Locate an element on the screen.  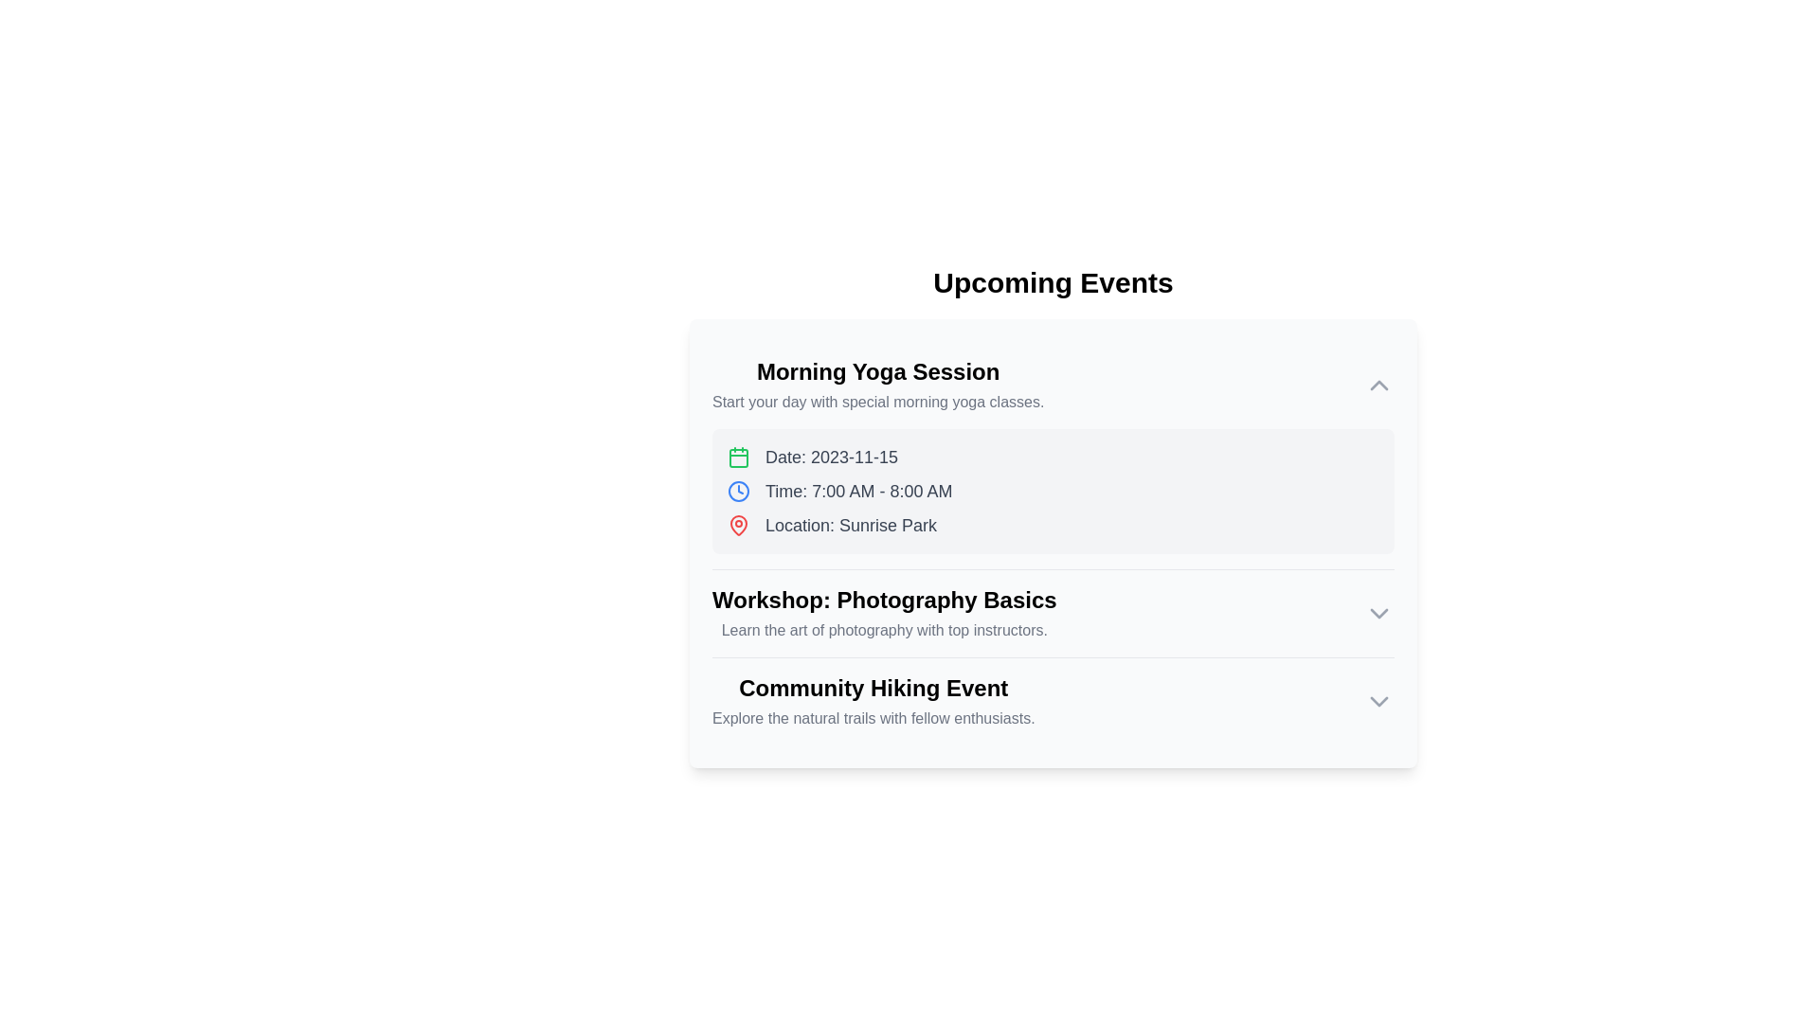
the static informational text element that reads 'Learn the art of photography with top instructors.' located below the title 'Workshop: Photography Basics' is located at coordinates (883, 631).